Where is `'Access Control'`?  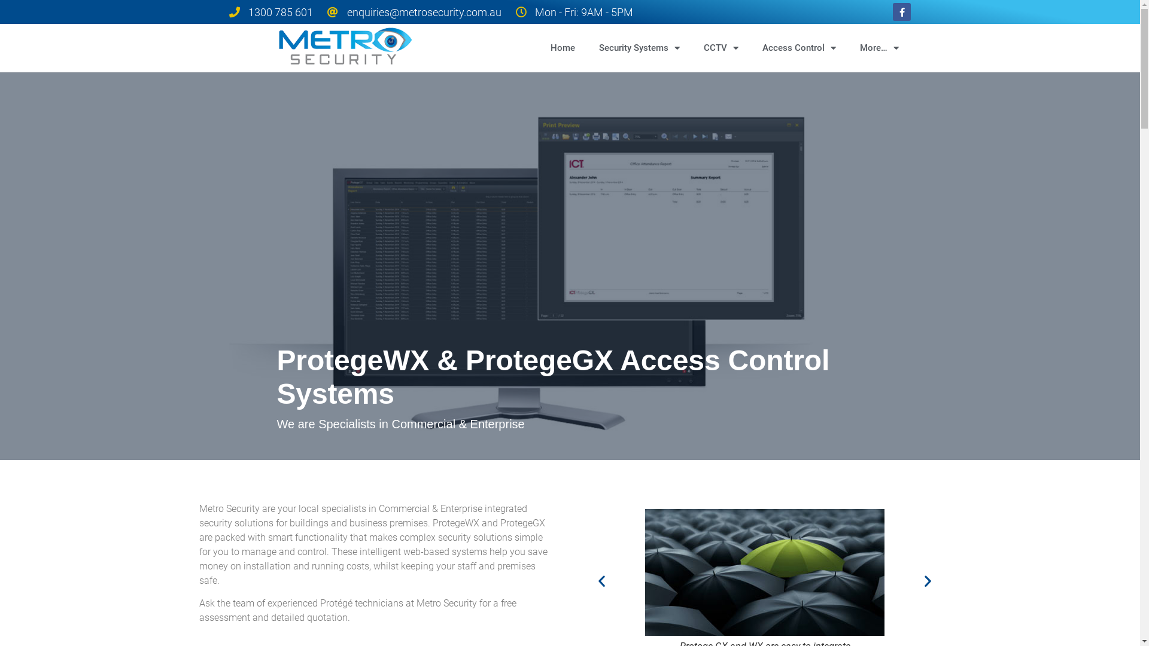
'Access Control' is located at coordinates (799, 47).